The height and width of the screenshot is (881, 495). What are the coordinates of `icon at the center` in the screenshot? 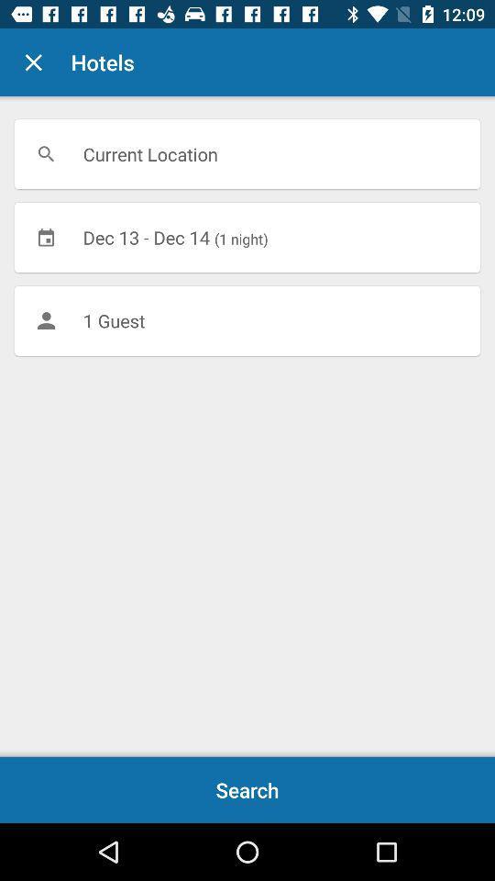 It's located at (247, 320).